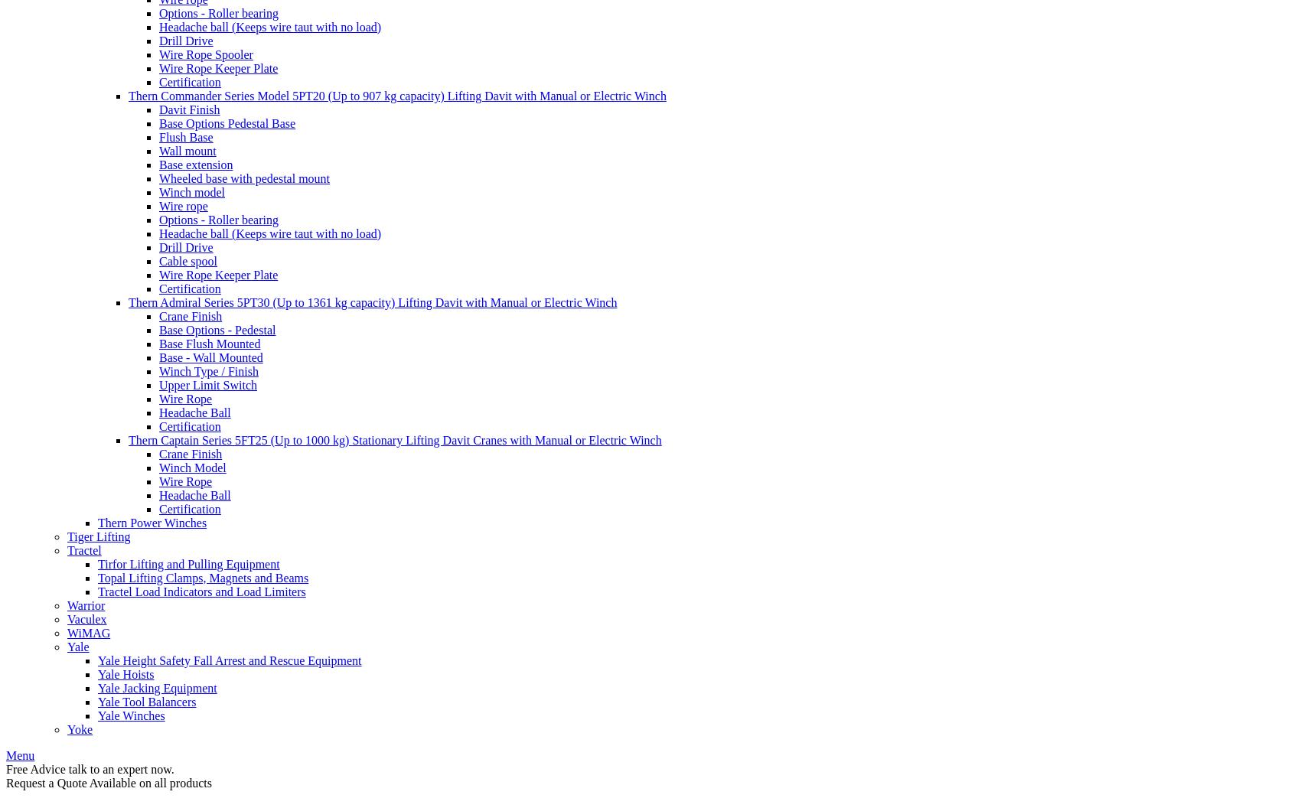 This screenshot has width=1301, height=808. Describe the element at coordinates (127, 94) in the screenshot. I see `'Thern Commander Series Model 5PT20 (Up to 907 kg capacity) Lifting Davit with Manual or Electric Winch'` at that location.